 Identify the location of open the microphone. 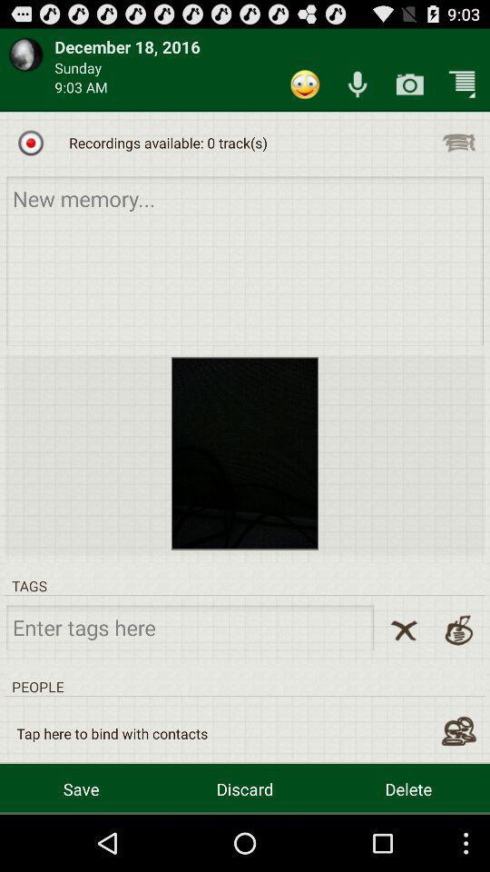
(358, 84).